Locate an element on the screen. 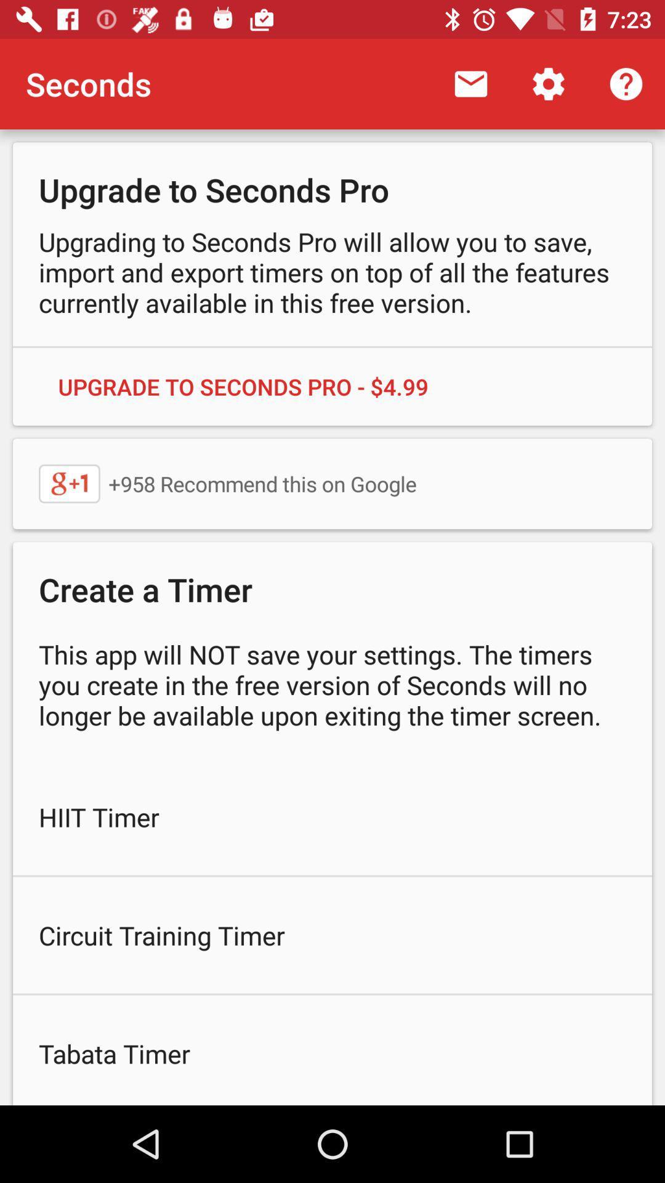  the text immediately below hiit timer is located at coordinates (332, 935).